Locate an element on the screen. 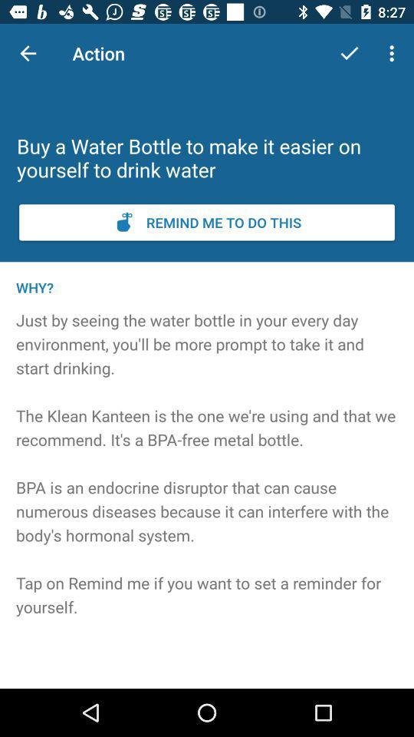  icon next to the action icon is located at coordinates (349, 53).